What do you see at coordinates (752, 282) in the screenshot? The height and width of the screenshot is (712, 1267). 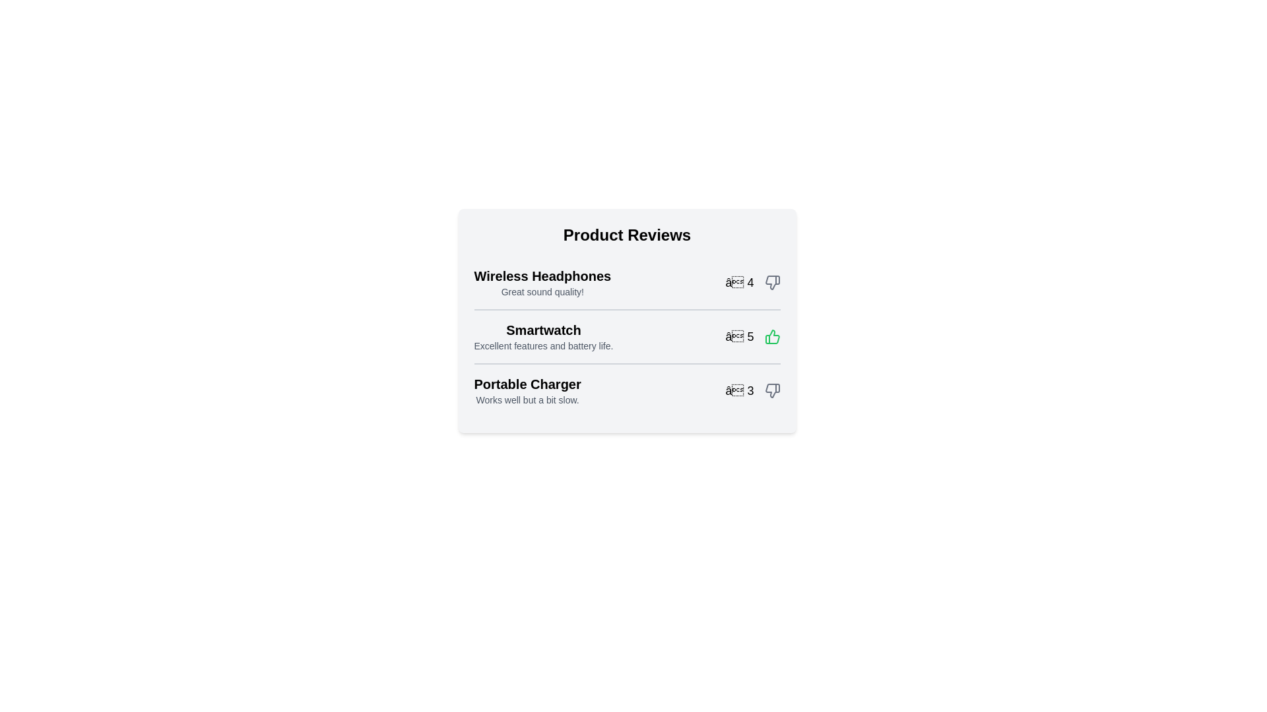 I see `the rating score of a specific review to inspect its value` at bounding box center [752, 282].